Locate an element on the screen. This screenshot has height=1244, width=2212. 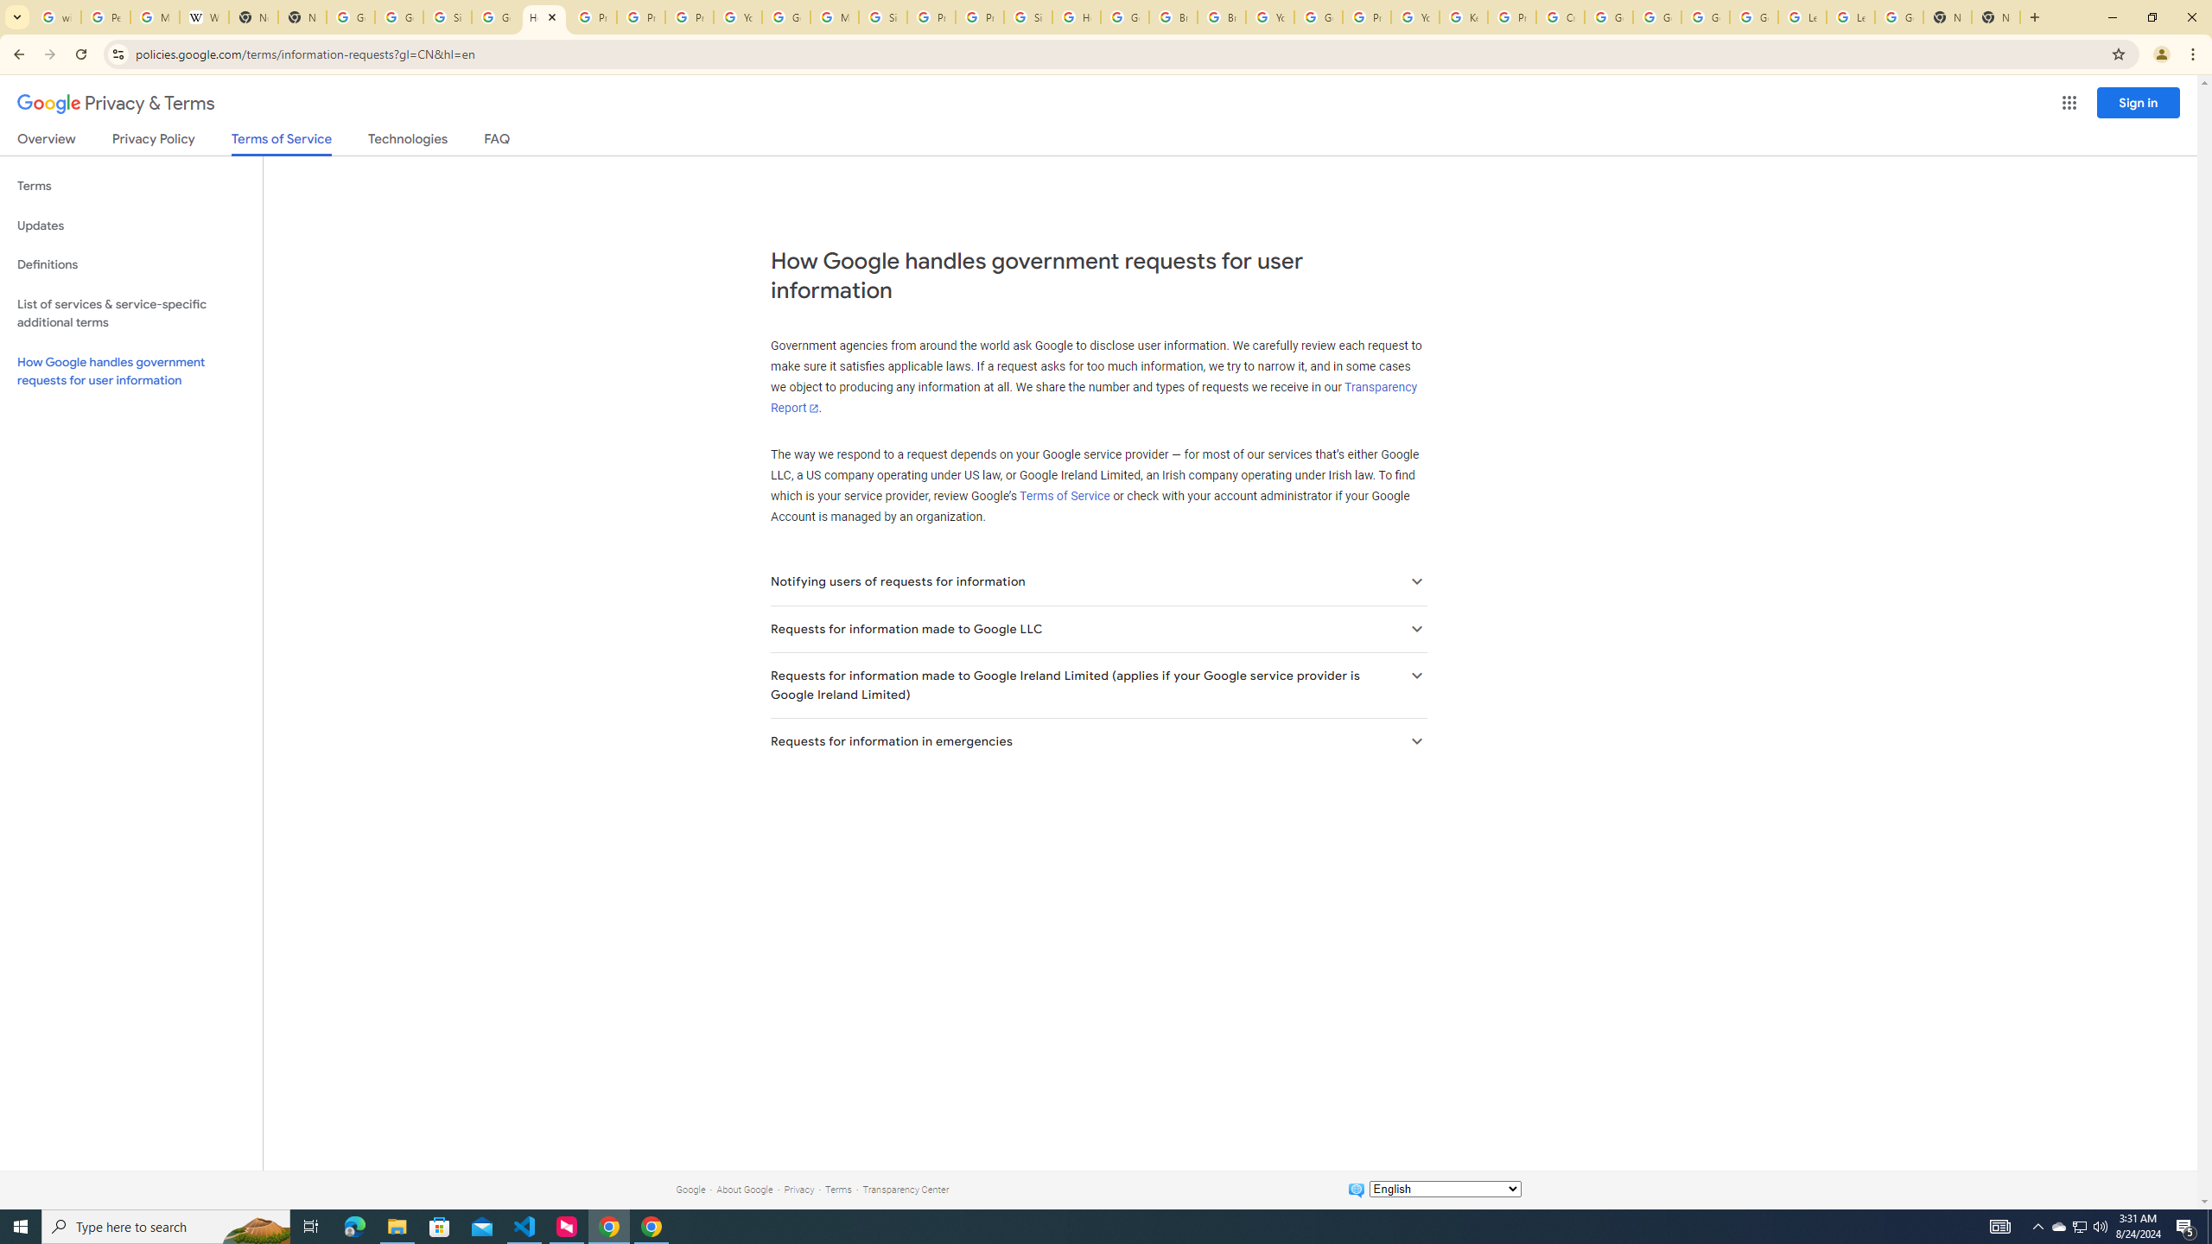
'Google Drive: Sign-in' is located at coordinates (398, 16).